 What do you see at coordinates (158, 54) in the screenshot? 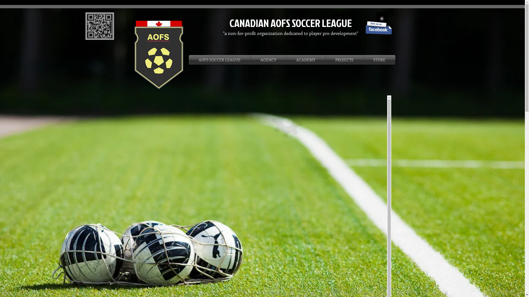
I see `'newaofslogo77s_edited.png'` at bounding box center [158, 54].